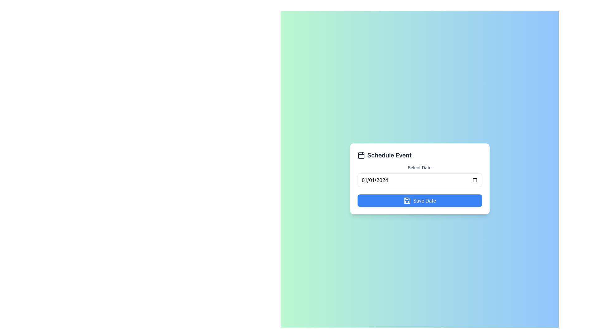 This screenshot has height=336, width=598. Describe the element at coordinates (420, 185) in the screenshot. I see `the date input field displaying '01/01/2024'` at that location.